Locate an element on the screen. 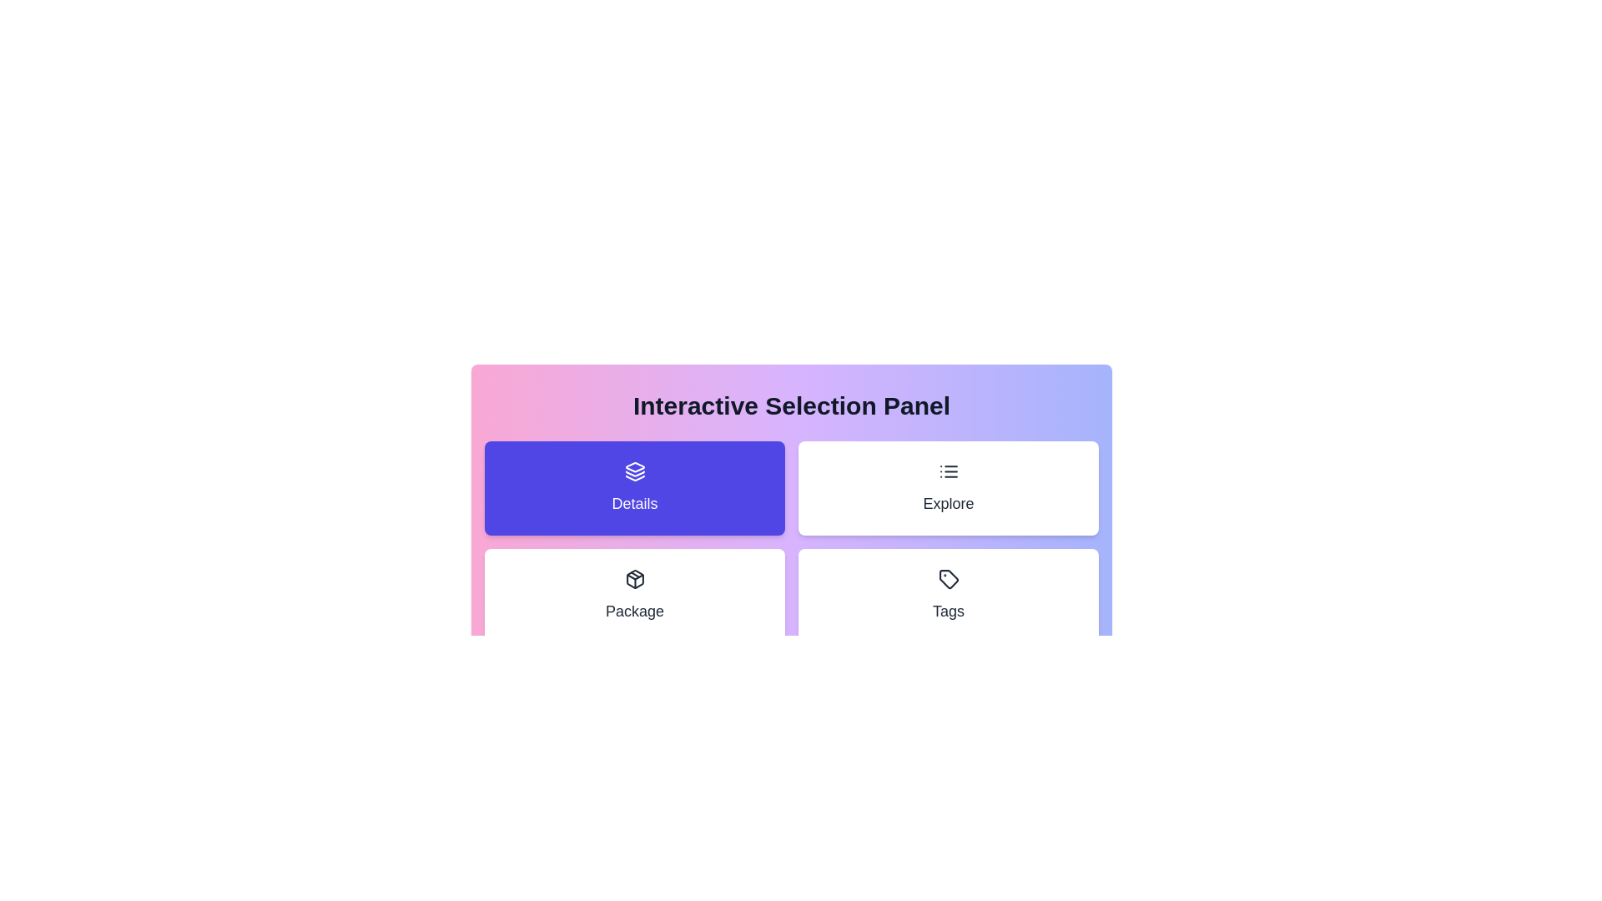 The width and height of the screenshot is (1602, 901). the static text label displaying the word 'Explore', which is located in the bottom of the top-right card in a two-by-two grid layout, below an icon illustrating a list is located at coordinates (949, 503).